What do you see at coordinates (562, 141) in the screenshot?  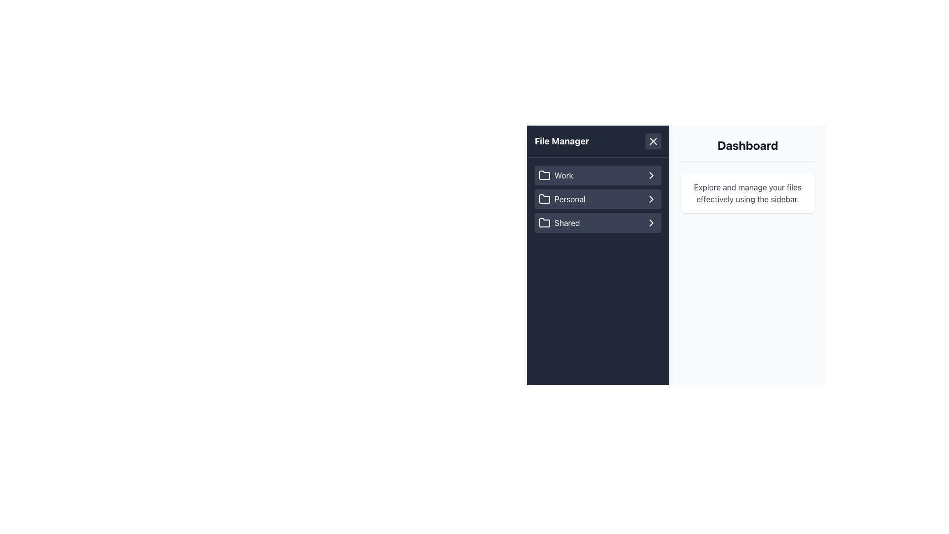 I see `text from the 'File Manager' label, which is a bold, large font text located at the top section of the sidebar with a dark background` at bounding box center [562, 141].